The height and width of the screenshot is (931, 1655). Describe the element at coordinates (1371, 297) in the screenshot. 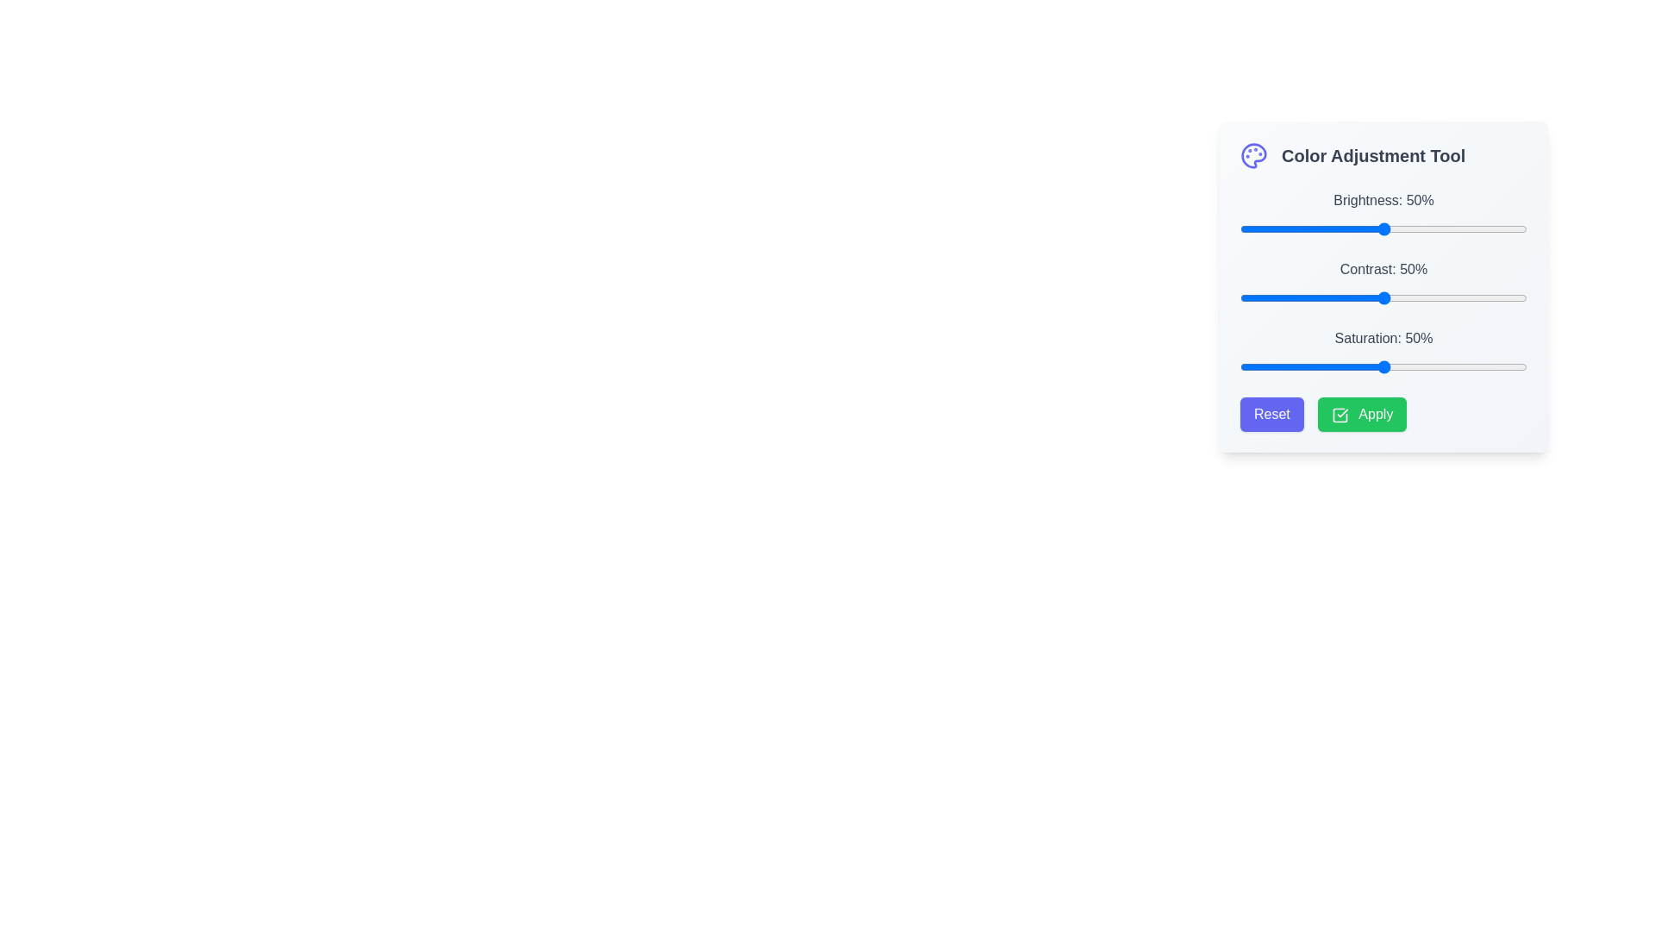

I see `contrast of the image` at that location.